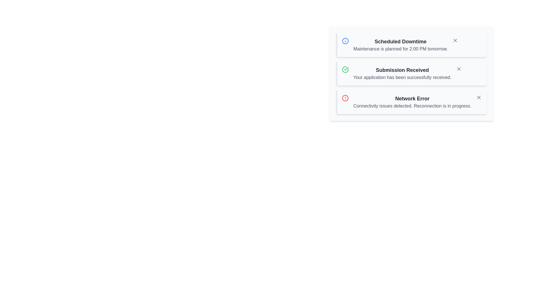 This screenshot has height=308, width=548. I want to click on the close button located at the rightmost side of the 'Scheduled Downtime' notification, so click(455, 40).